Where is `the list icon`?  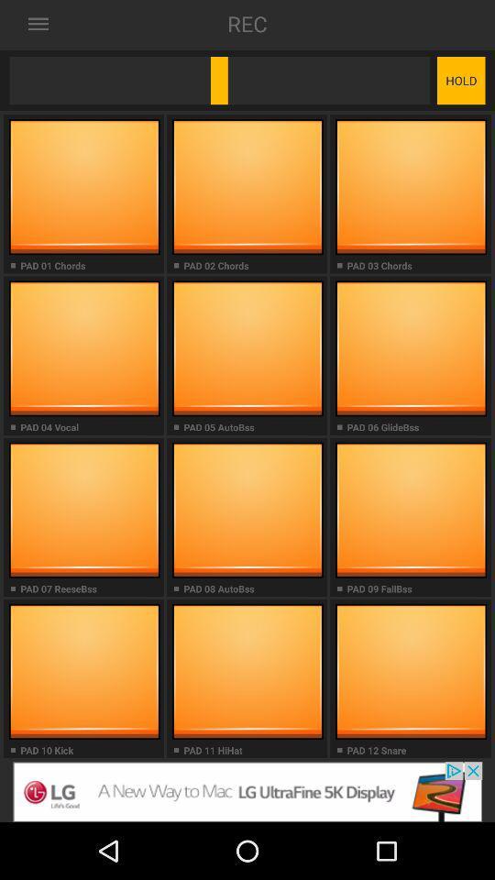 the list icon is located at coordinates (38, 25).